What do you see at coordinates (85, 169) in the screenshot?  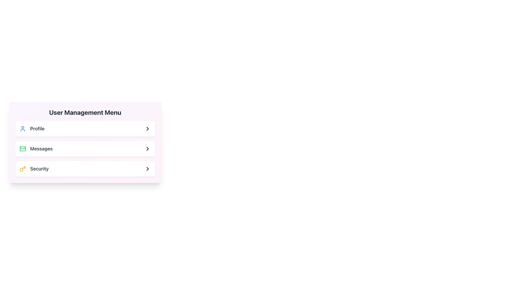 I see `the third menu option in the User Management Menu` at bounding box center [85, 169].